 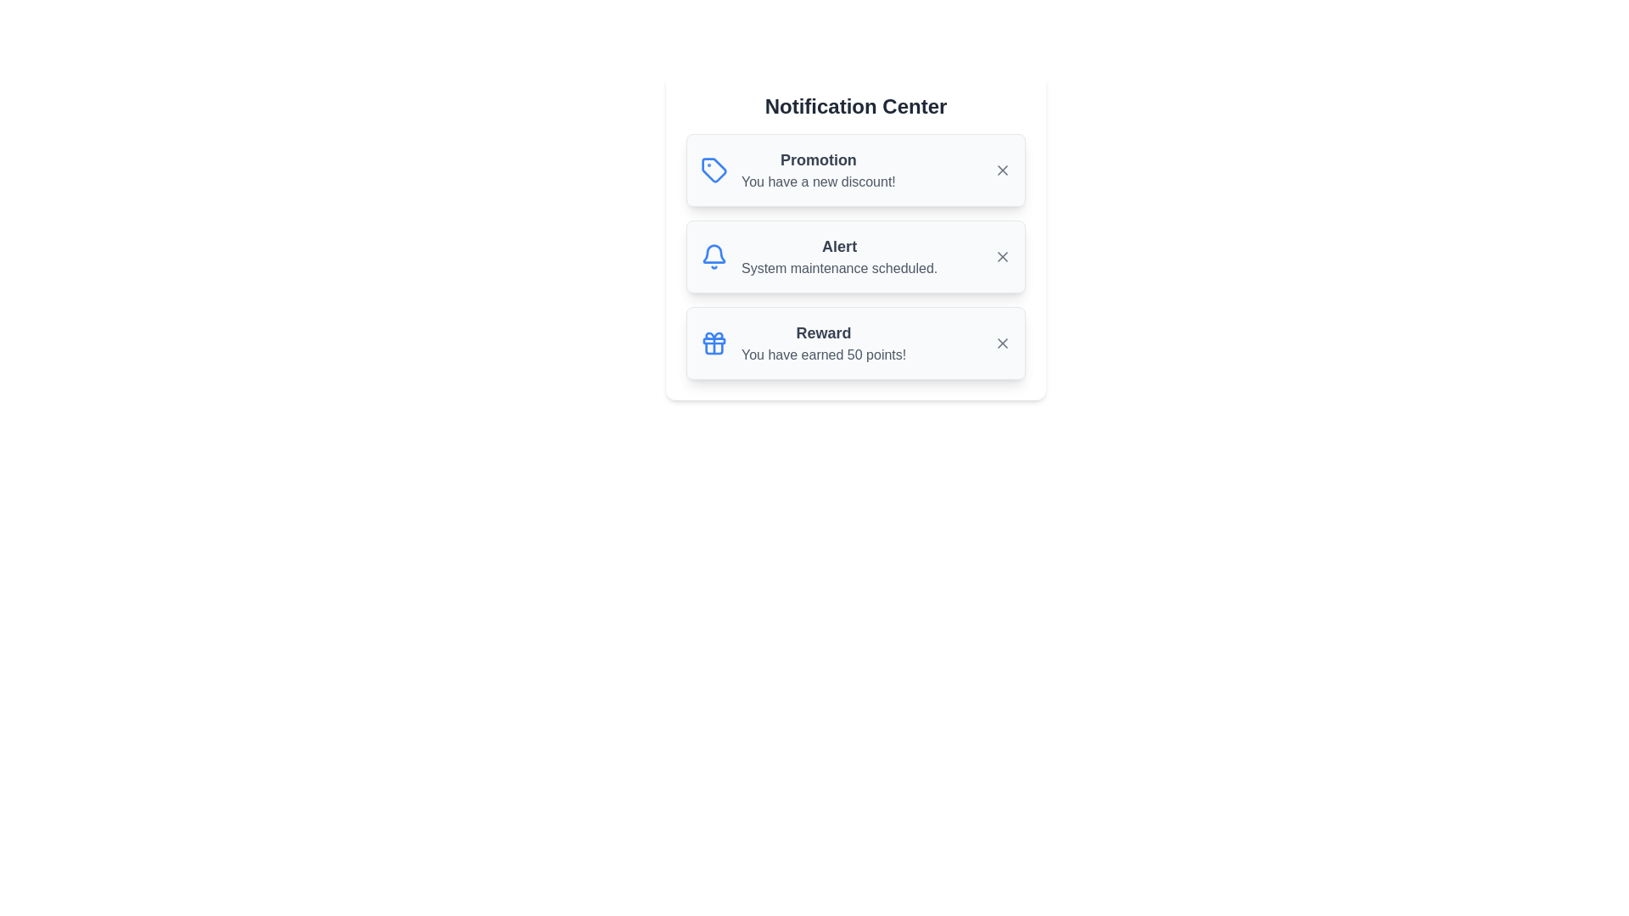 What do you see at coordinates (714, 343) in the screenshot?
I see `the meaning of the blue gift icon located` at bounding box center [714, 343].